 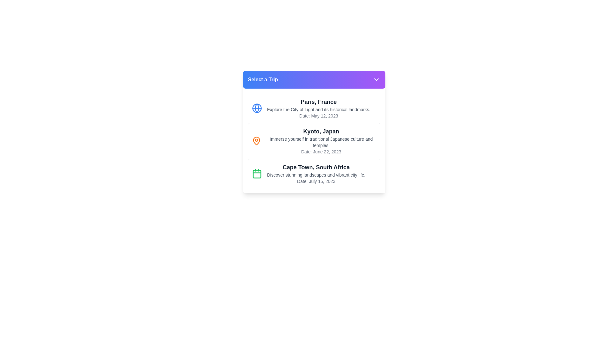 I want to click on the circular globe icon with thin blue outlines, located to the left of the text block 'Paris, France' in the 'Select a Trip' list, so click(x=257, y=108).